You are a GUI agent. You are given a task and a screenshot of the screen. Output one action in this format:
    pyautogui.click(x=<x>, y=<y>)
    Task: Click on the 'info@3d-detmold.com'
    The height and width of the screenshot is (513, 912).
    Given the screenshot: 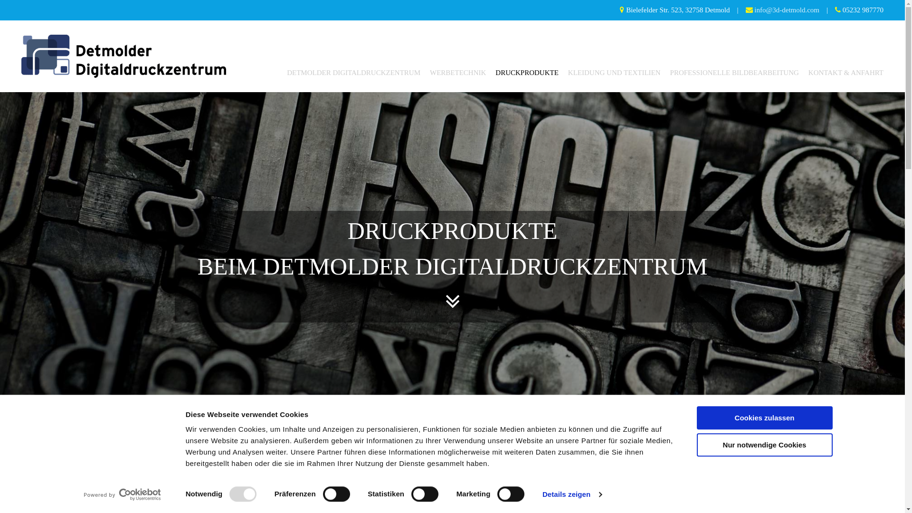 What is the action you would take?
    pyautogui.click(x=787, y=9)
    